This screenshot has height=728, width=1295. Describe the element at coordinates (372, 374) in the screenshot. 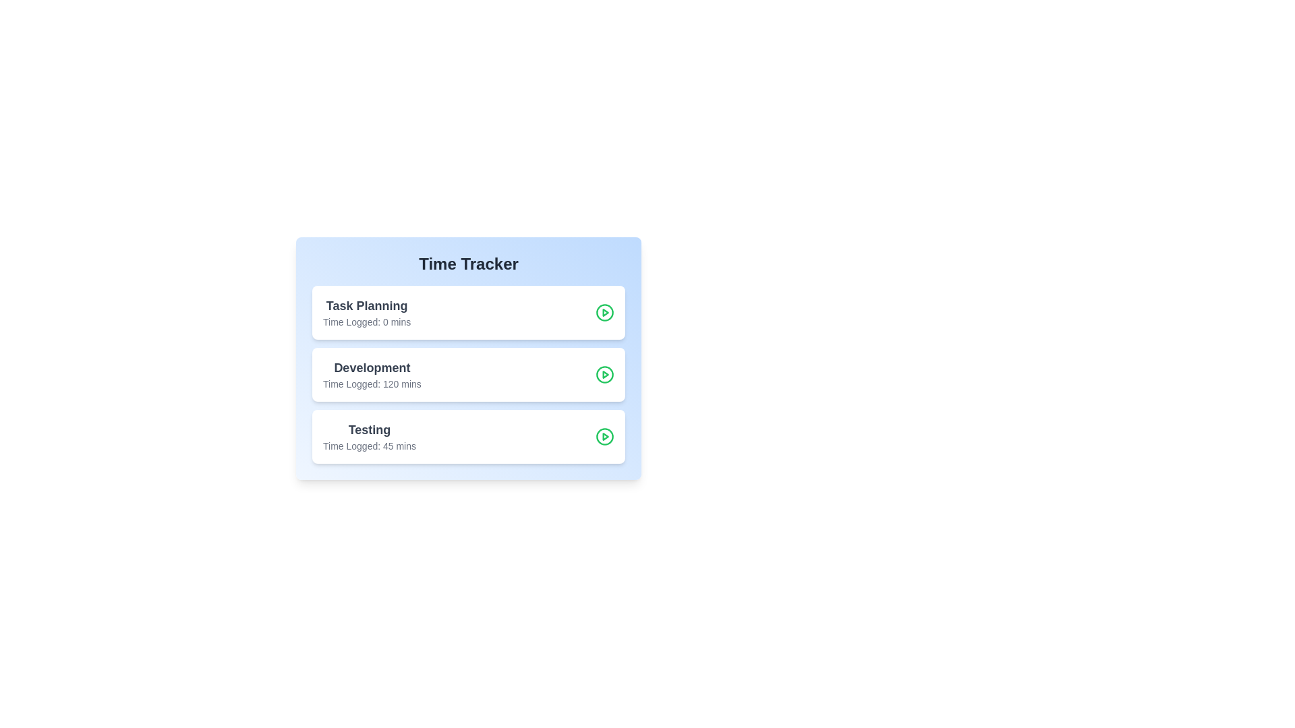

I see `the task titled Development to observe any hover-based UI changes` at that location.